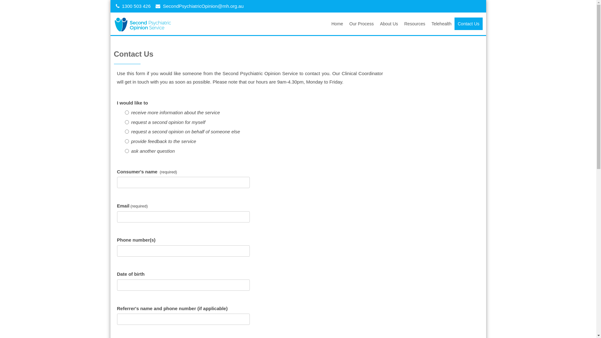 The image size is (601, 338). I want to click on 'Contact Us', so click(468, 23).